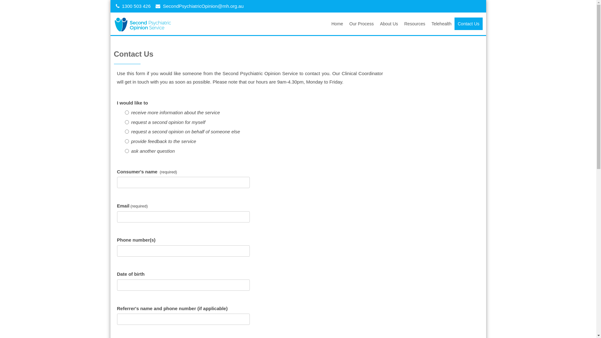 The image size is (601, 338). I want to click on 'Contact Us', so click(468, 23).